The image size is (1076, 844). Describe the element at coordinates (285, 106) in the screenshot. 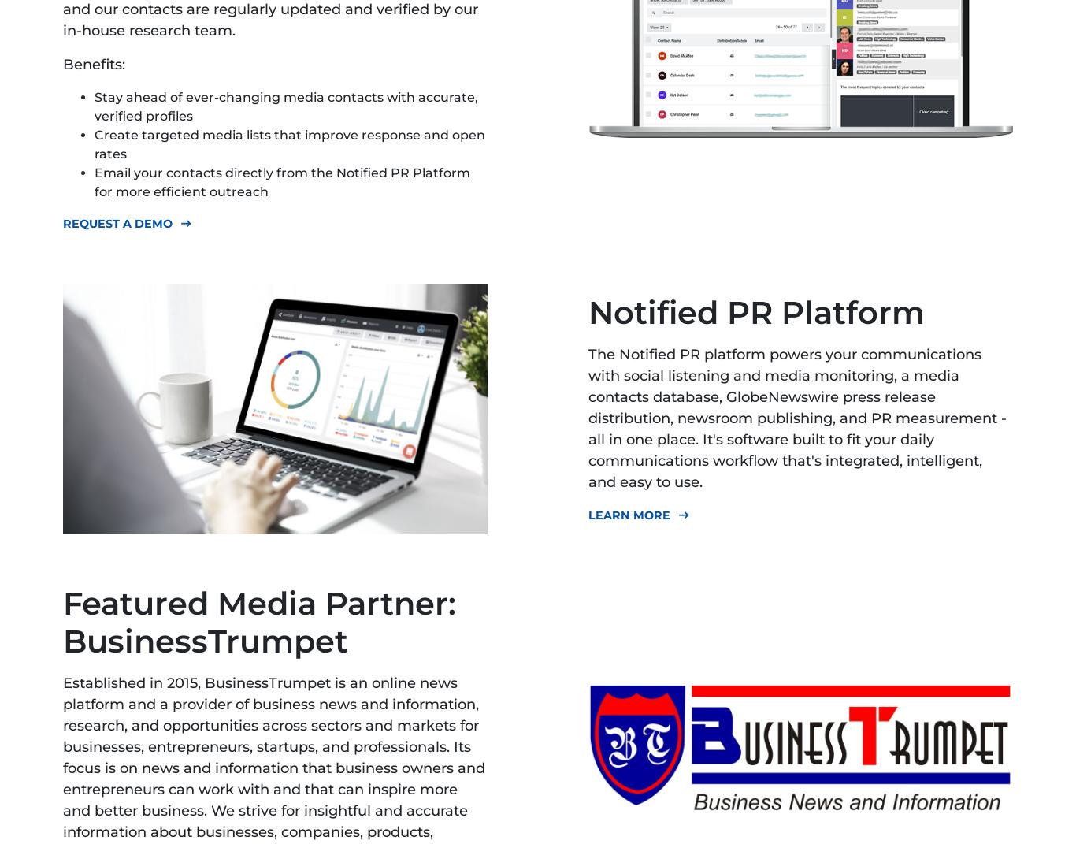

I see `'Stay ahead of ever-changing media contacts with accurate, verified profiles'` at that location.